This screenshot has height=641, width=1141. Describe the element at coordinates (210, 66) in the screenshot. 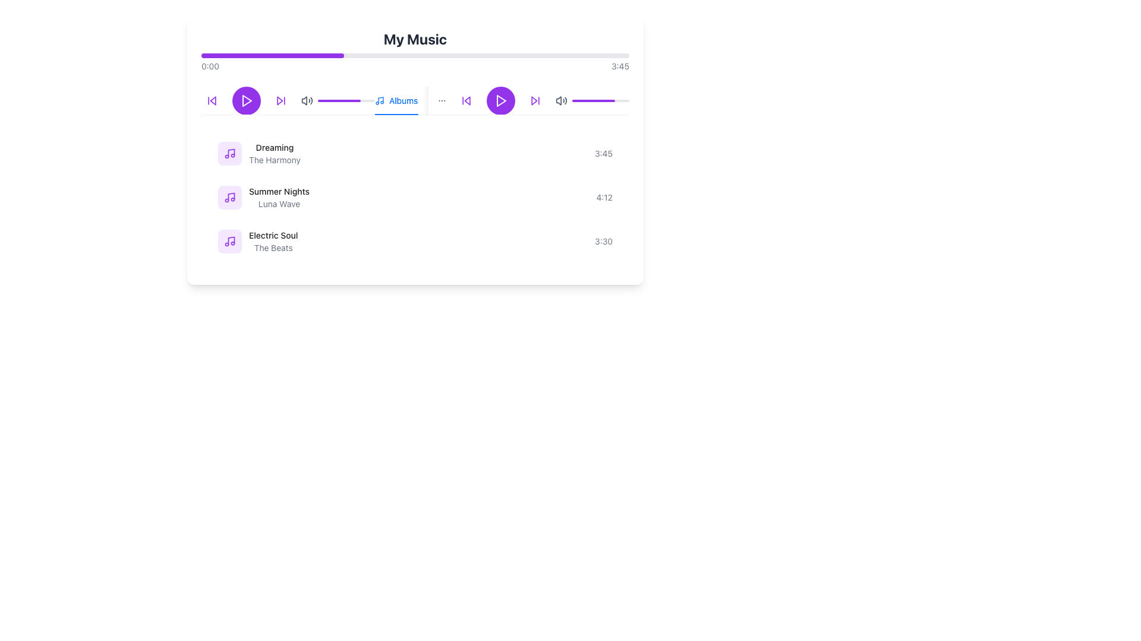

I see `the small text label displaying '0:00' in gray font, located near the left edge of the music player's progress bar` at that location.